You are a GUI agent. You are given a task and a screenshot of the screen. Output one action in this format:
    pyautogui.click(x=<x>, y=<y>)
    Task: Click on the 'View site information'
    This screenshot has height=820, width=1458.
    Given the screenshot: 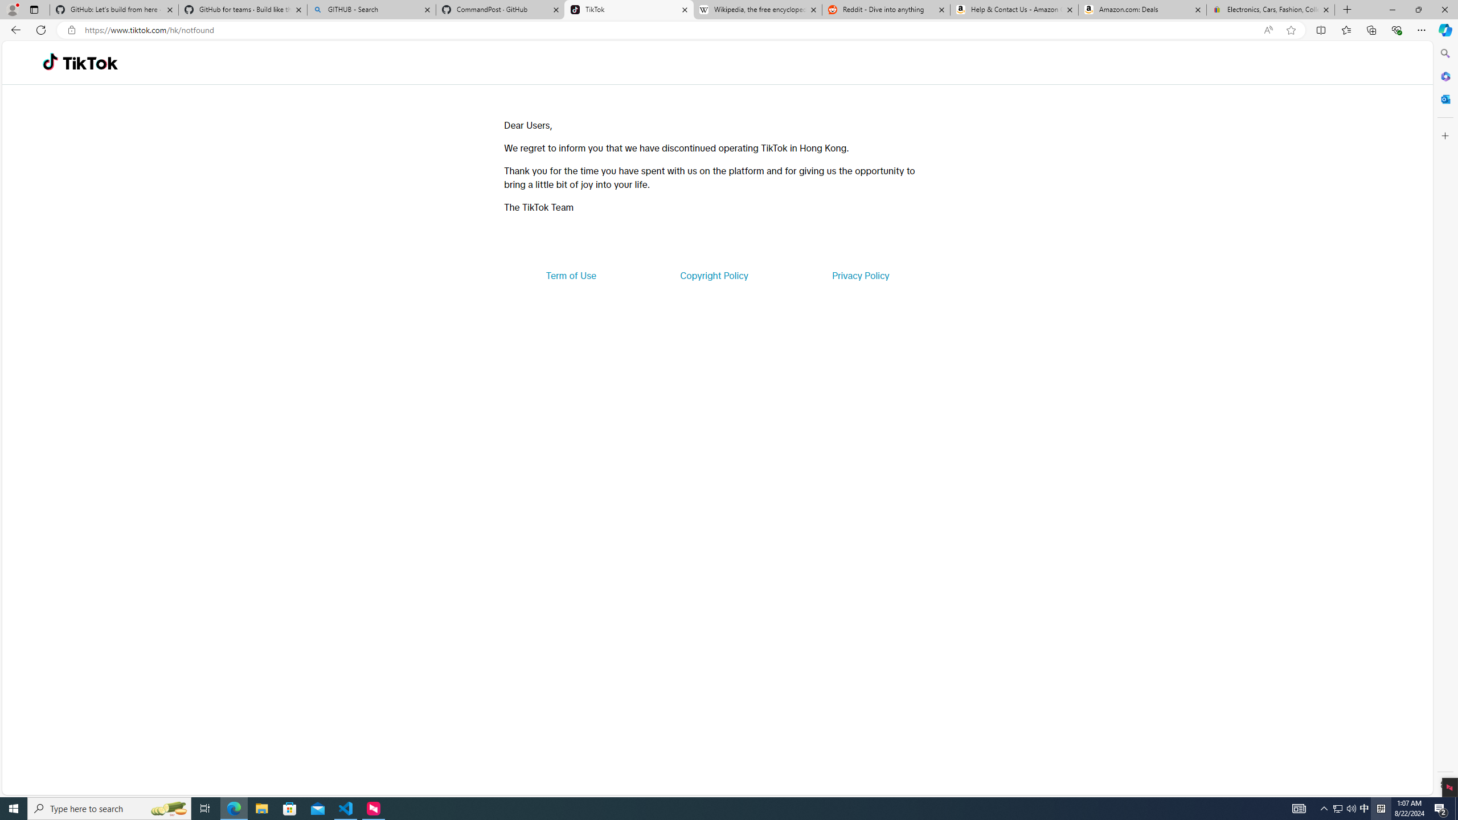 What is the action you would take?
    pyautogui.click(x=71, y=30)
    